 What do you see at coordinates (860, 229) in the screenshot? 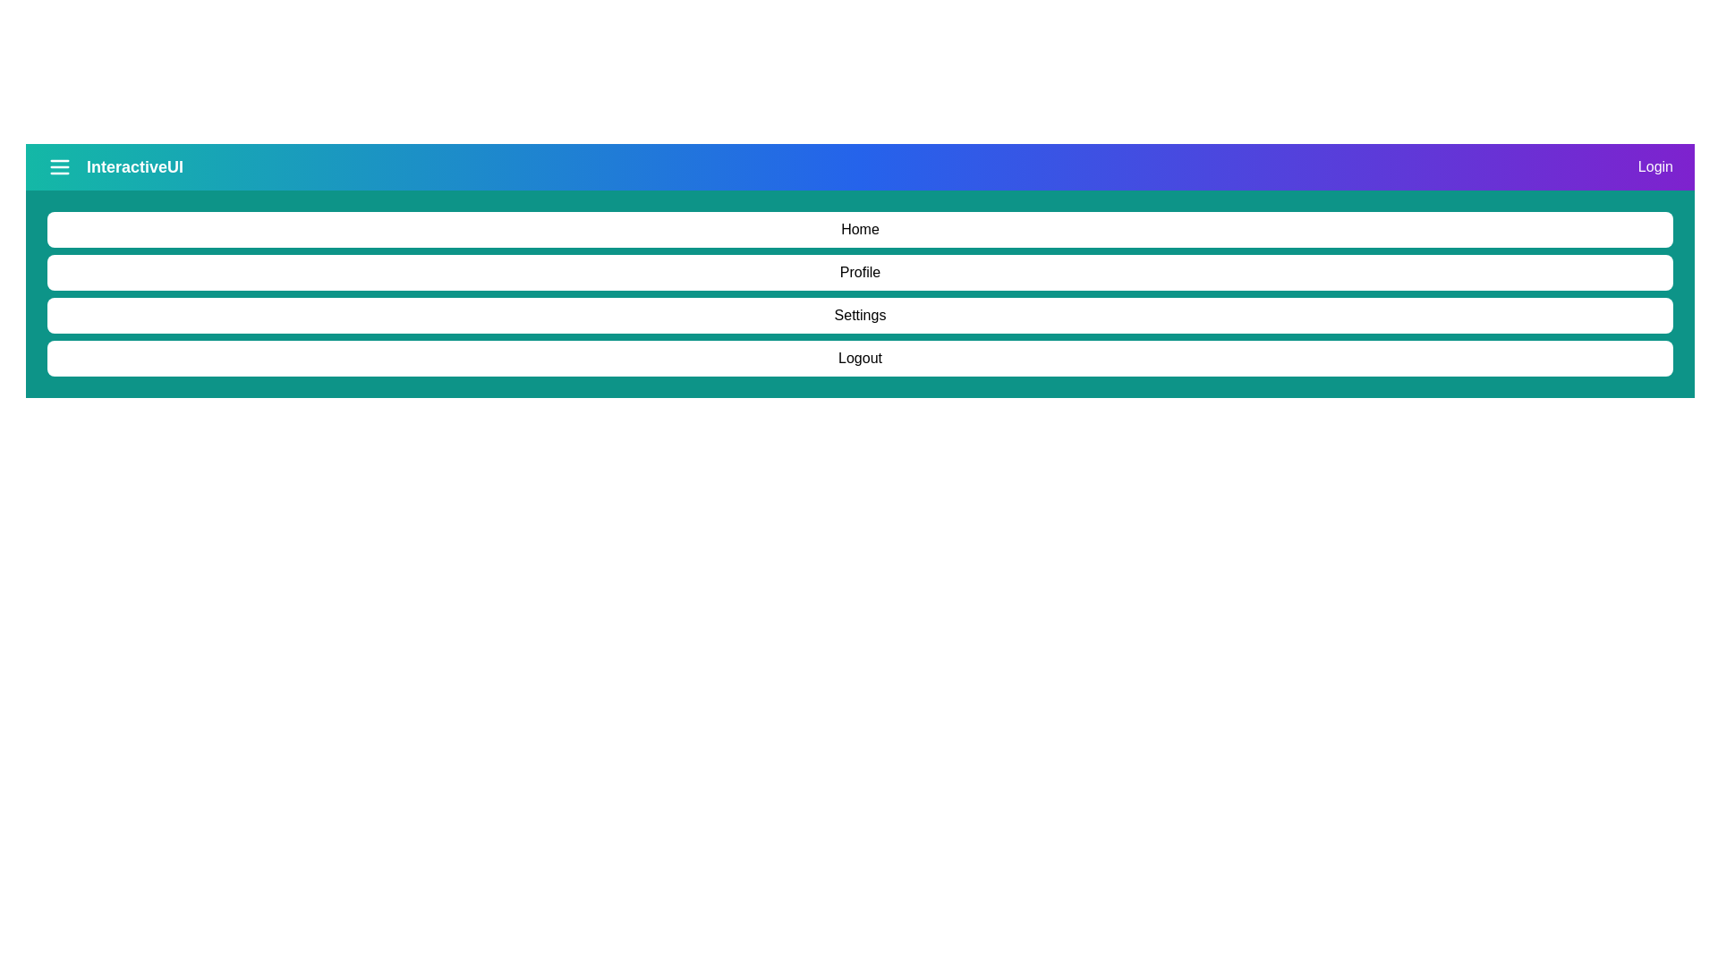
I see `the menu option Home from the DynamicAppBar` at bounding box center [860, 229].